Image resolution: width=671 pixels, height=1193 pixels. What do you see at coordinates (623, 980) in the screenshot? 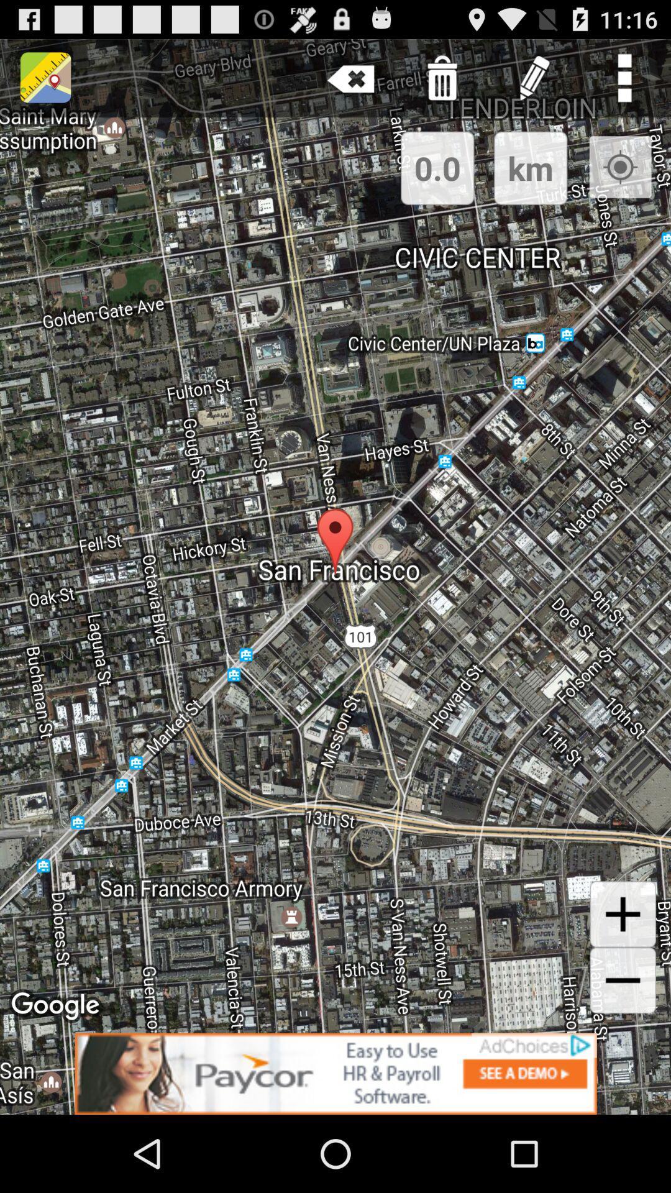
I see `zoom out` at bounding box center [623, 980].